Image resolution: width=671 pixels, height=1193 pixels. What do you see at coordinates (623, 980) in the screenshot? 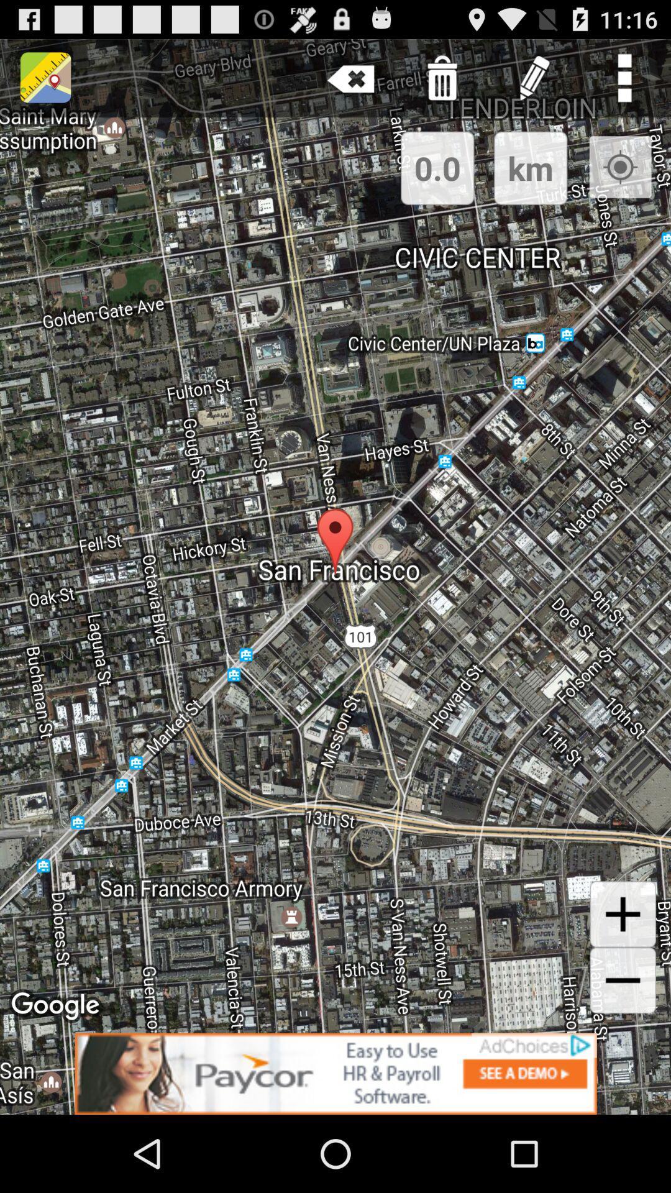
I see `zoom out` at bounding box center [623, 980].